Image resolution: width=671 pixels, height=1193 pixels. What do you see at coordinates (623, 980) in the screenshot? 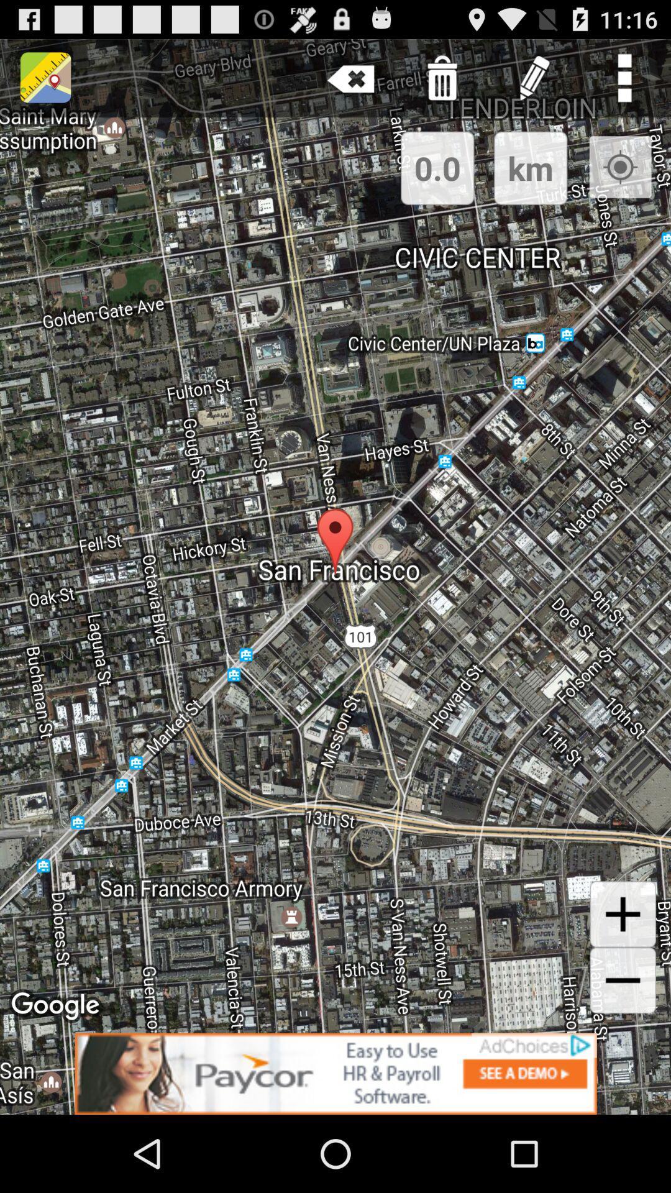
I see `zoom out` at bounding box center [623, 980].